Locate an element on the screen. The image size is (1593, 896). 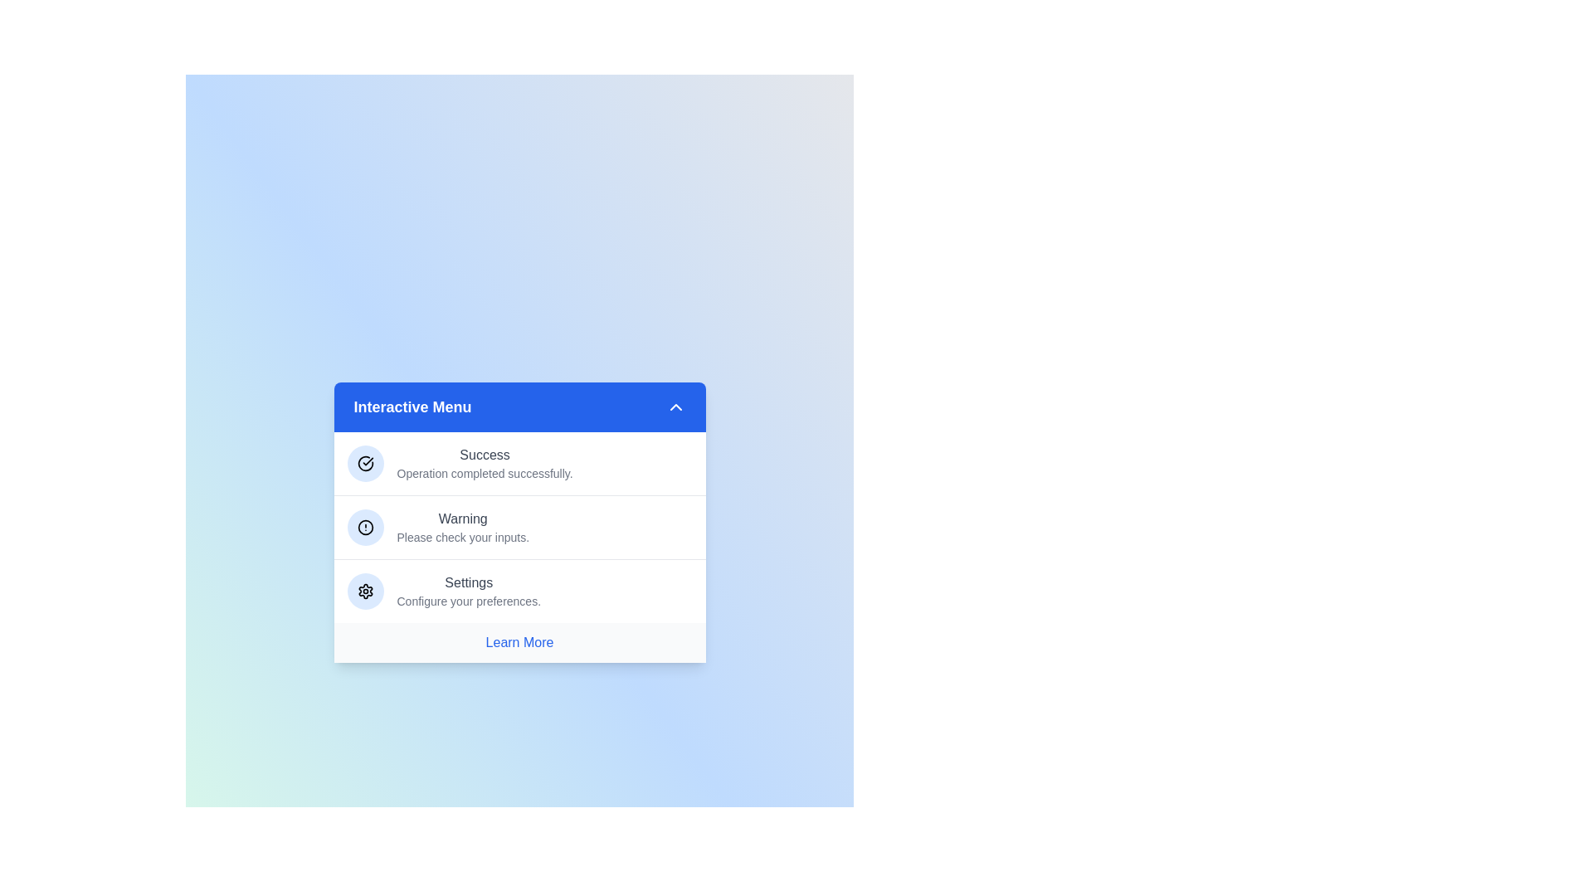
the menu item corresponding to Warning is located at coordinates (519, 527).